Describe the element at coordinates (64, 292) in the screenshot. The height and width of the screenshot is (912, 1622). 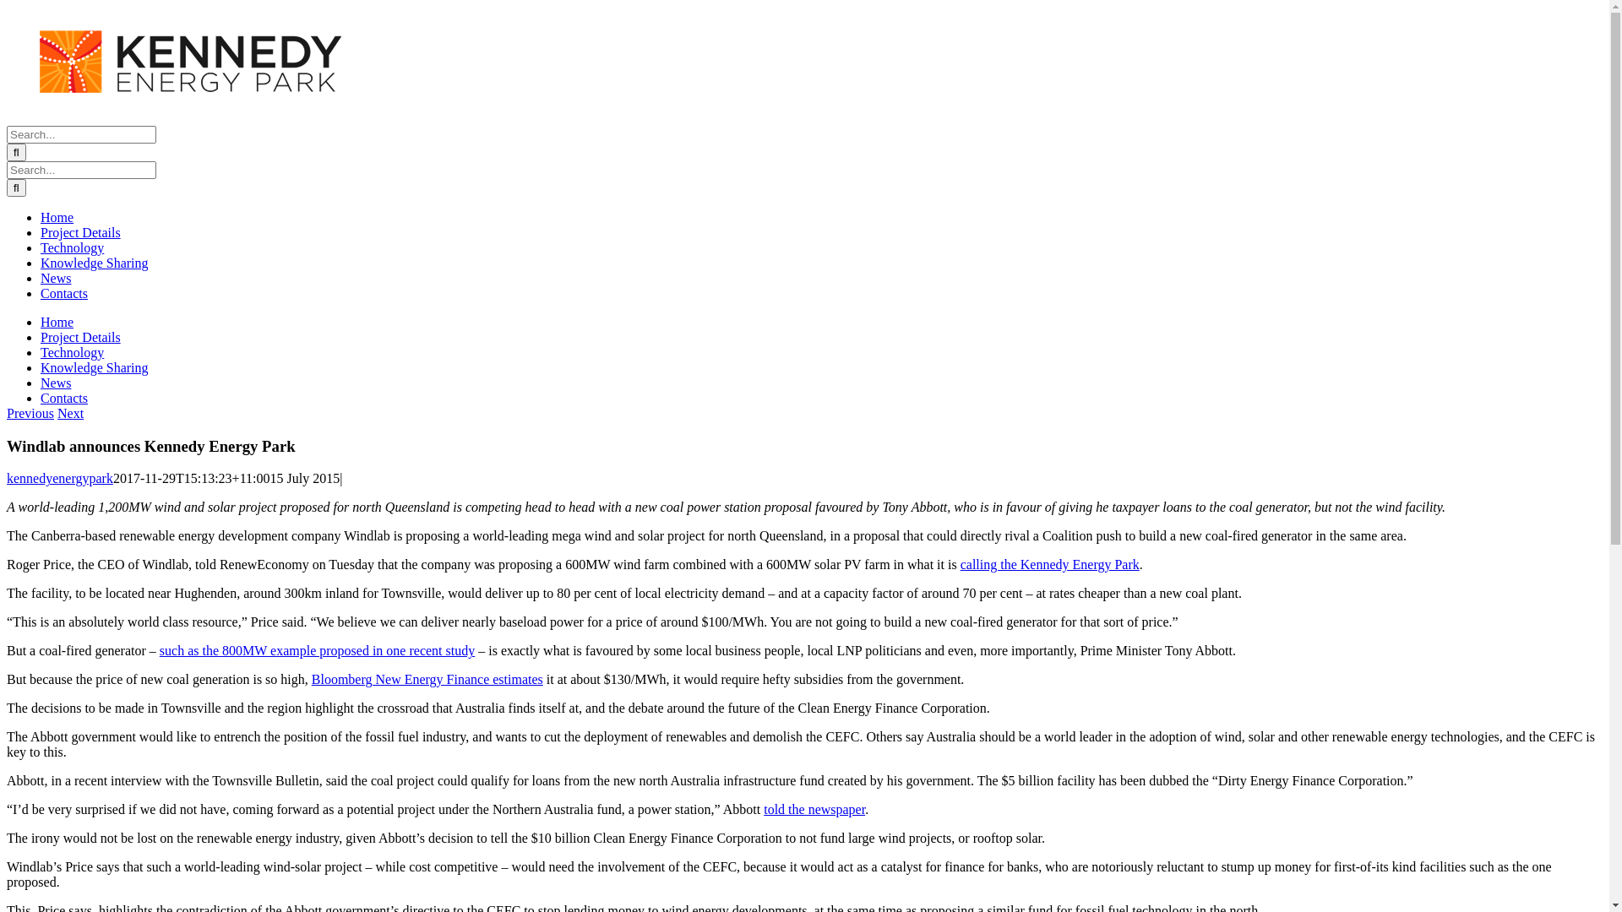
I see `'Contacts'` at that location.